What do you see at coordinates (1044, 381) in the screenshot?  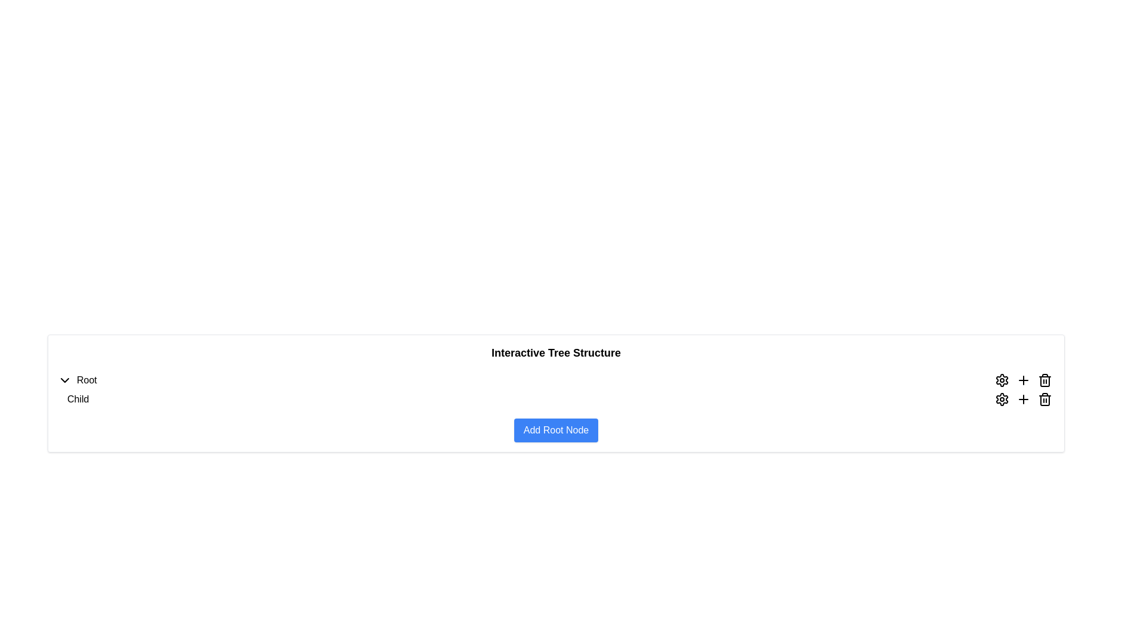 I see `the trash bin icon component` at bounding box center [1044, 381].